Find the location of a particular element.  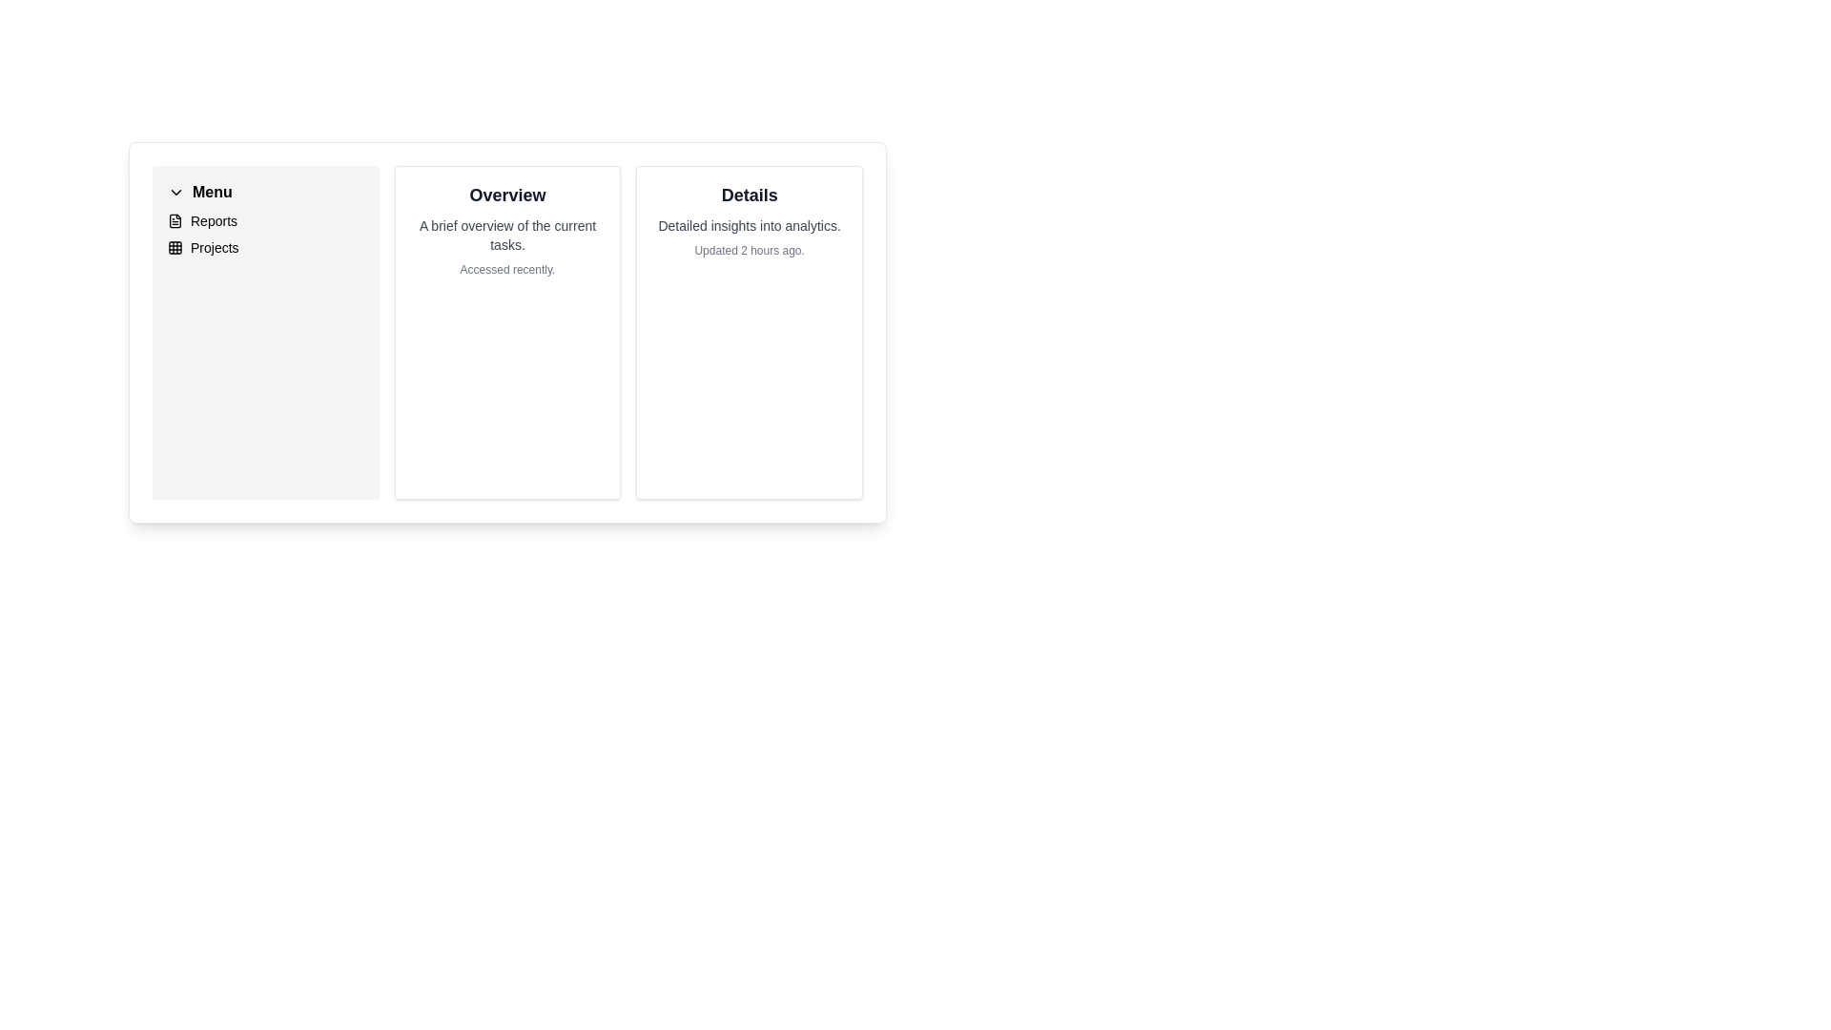

the square sub-component of the SVG icon located in the top-left corner of the 3x3 grid layout in the left sidebar under the 'Menu' section labeled 'Projects' is located at coordinates (175, 246).